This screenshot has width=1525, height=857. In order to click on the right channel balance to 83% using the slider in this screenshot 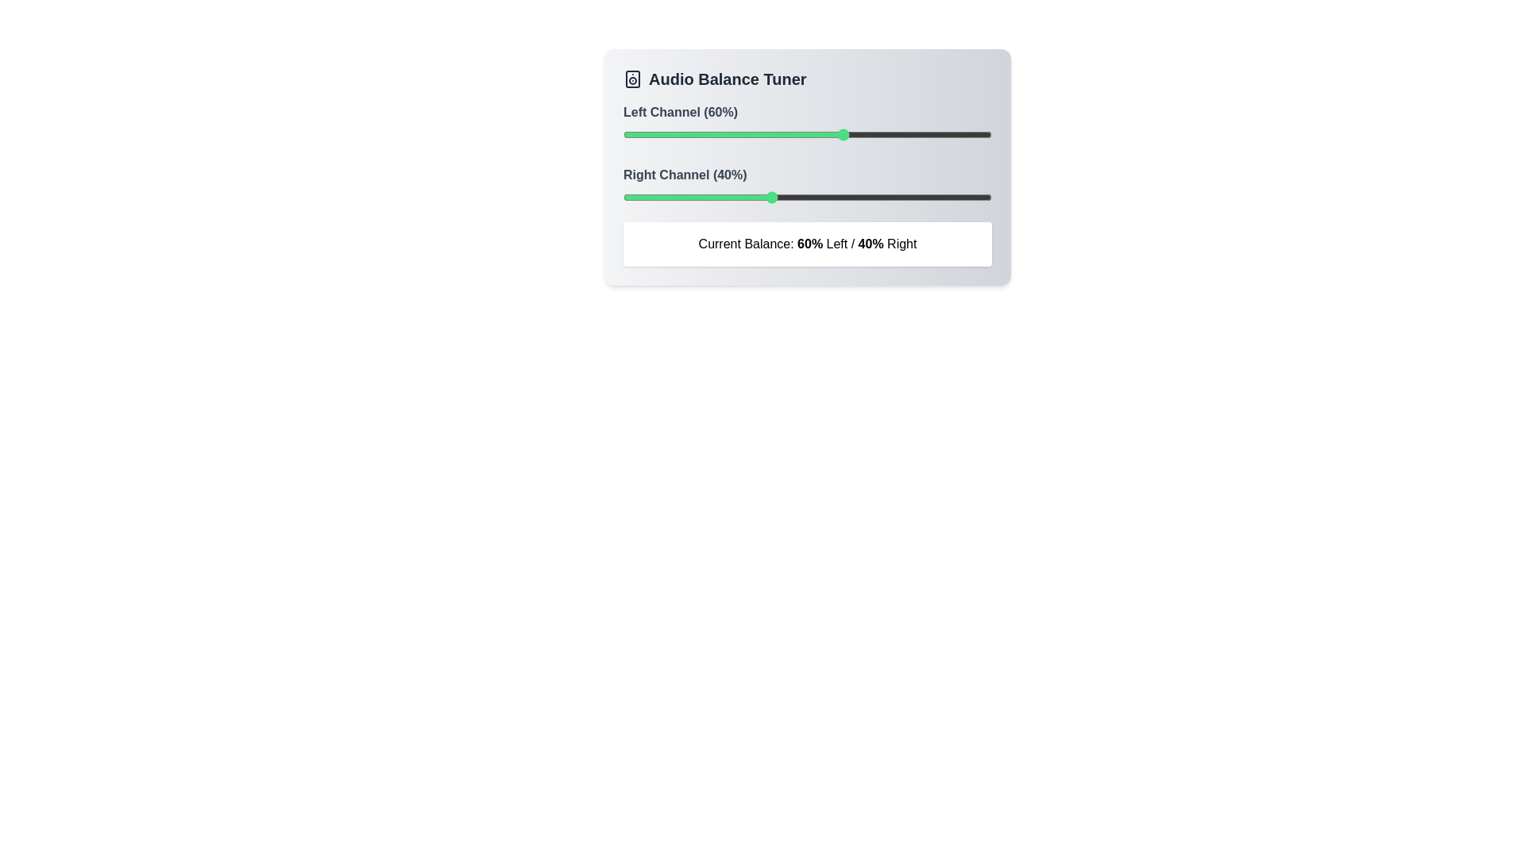, I will do `click(929, 197)`.